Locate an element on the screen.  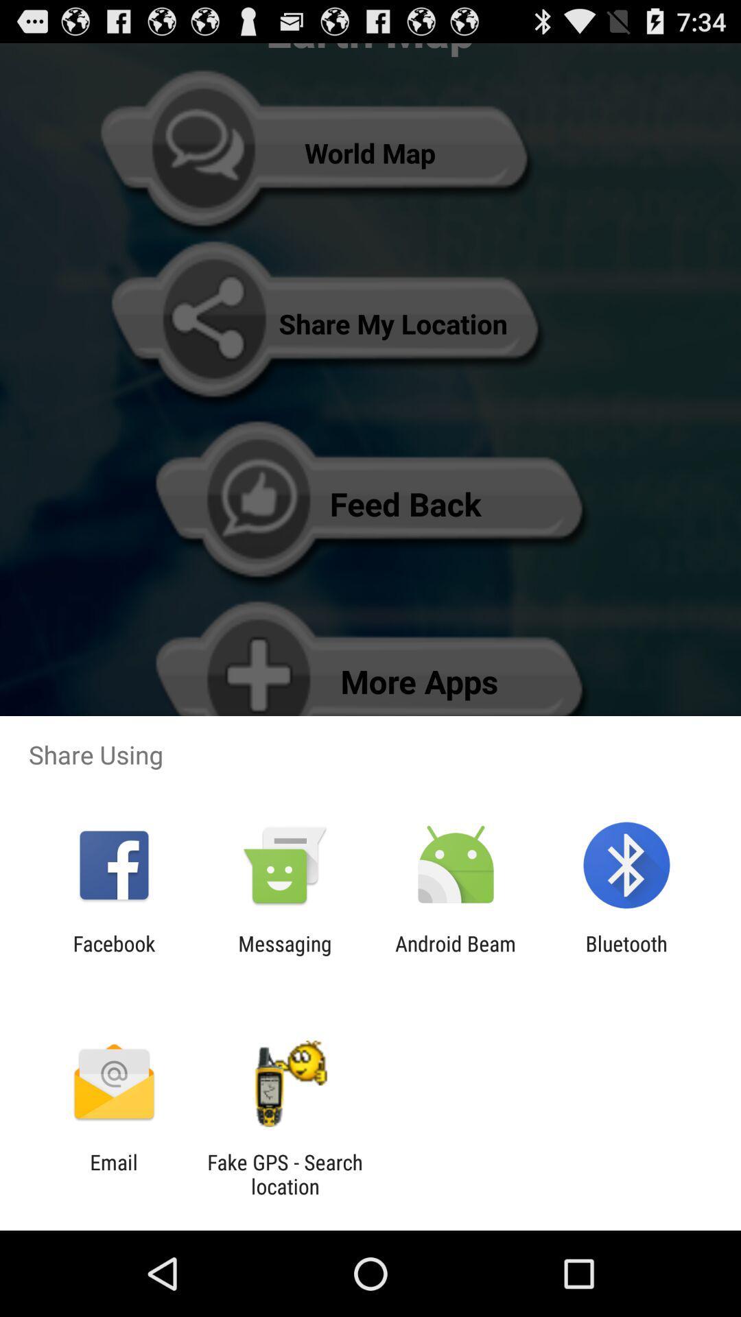
fake gps search app is located at coordinates (284, 1174).